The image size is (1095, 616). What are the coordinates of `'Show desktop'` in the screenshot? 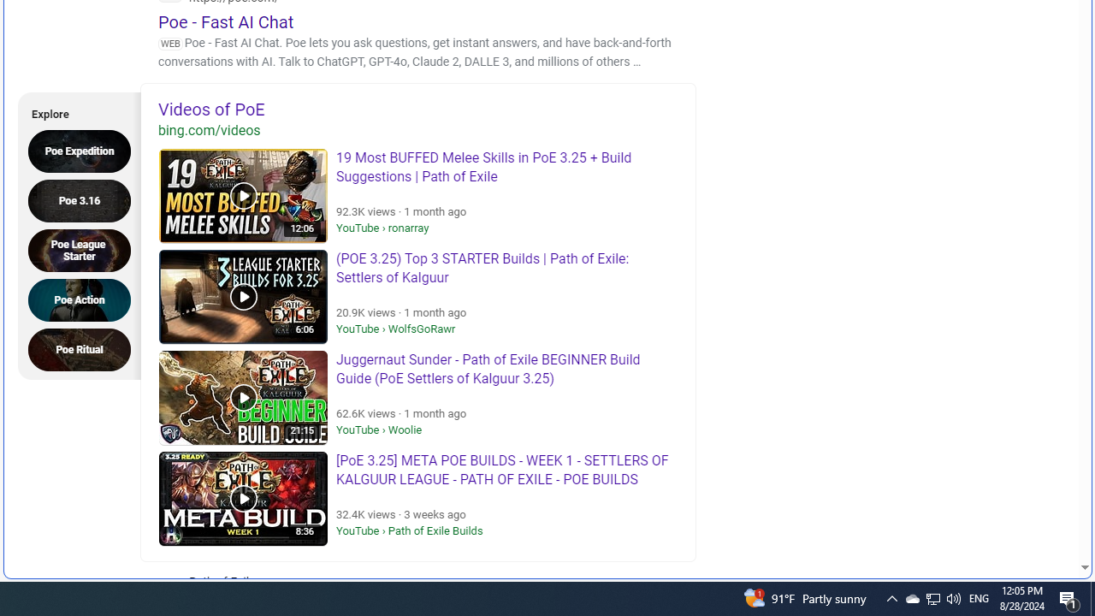 It's located at (1069, 597).